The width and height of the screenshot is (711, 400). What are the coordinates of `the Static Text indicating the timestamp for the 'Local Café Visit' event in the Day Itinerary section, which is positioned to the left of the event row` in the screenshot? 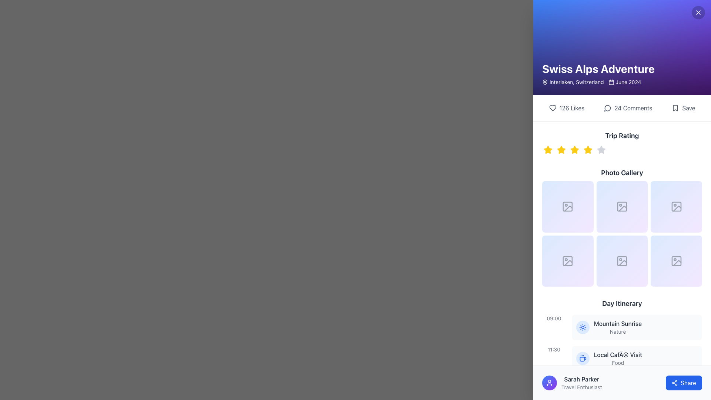 It's located at (554, 350).